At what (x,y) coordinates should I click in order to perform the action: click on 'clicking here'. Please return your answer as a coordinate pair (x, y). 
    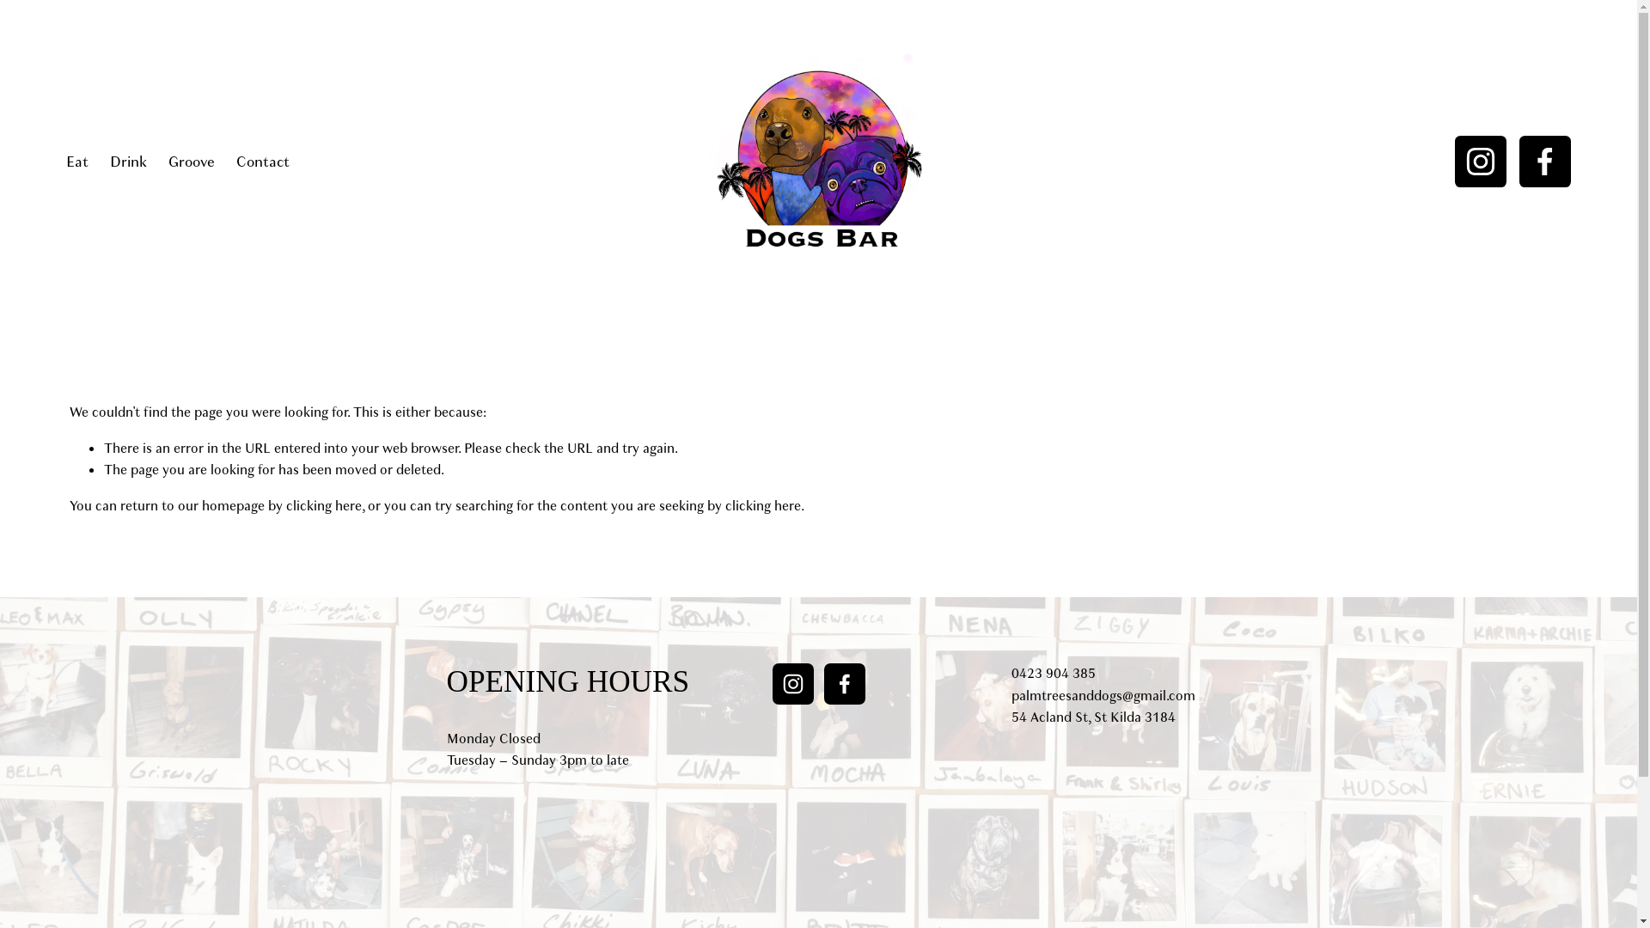
    Looking at the image, I should click on (762, 505).